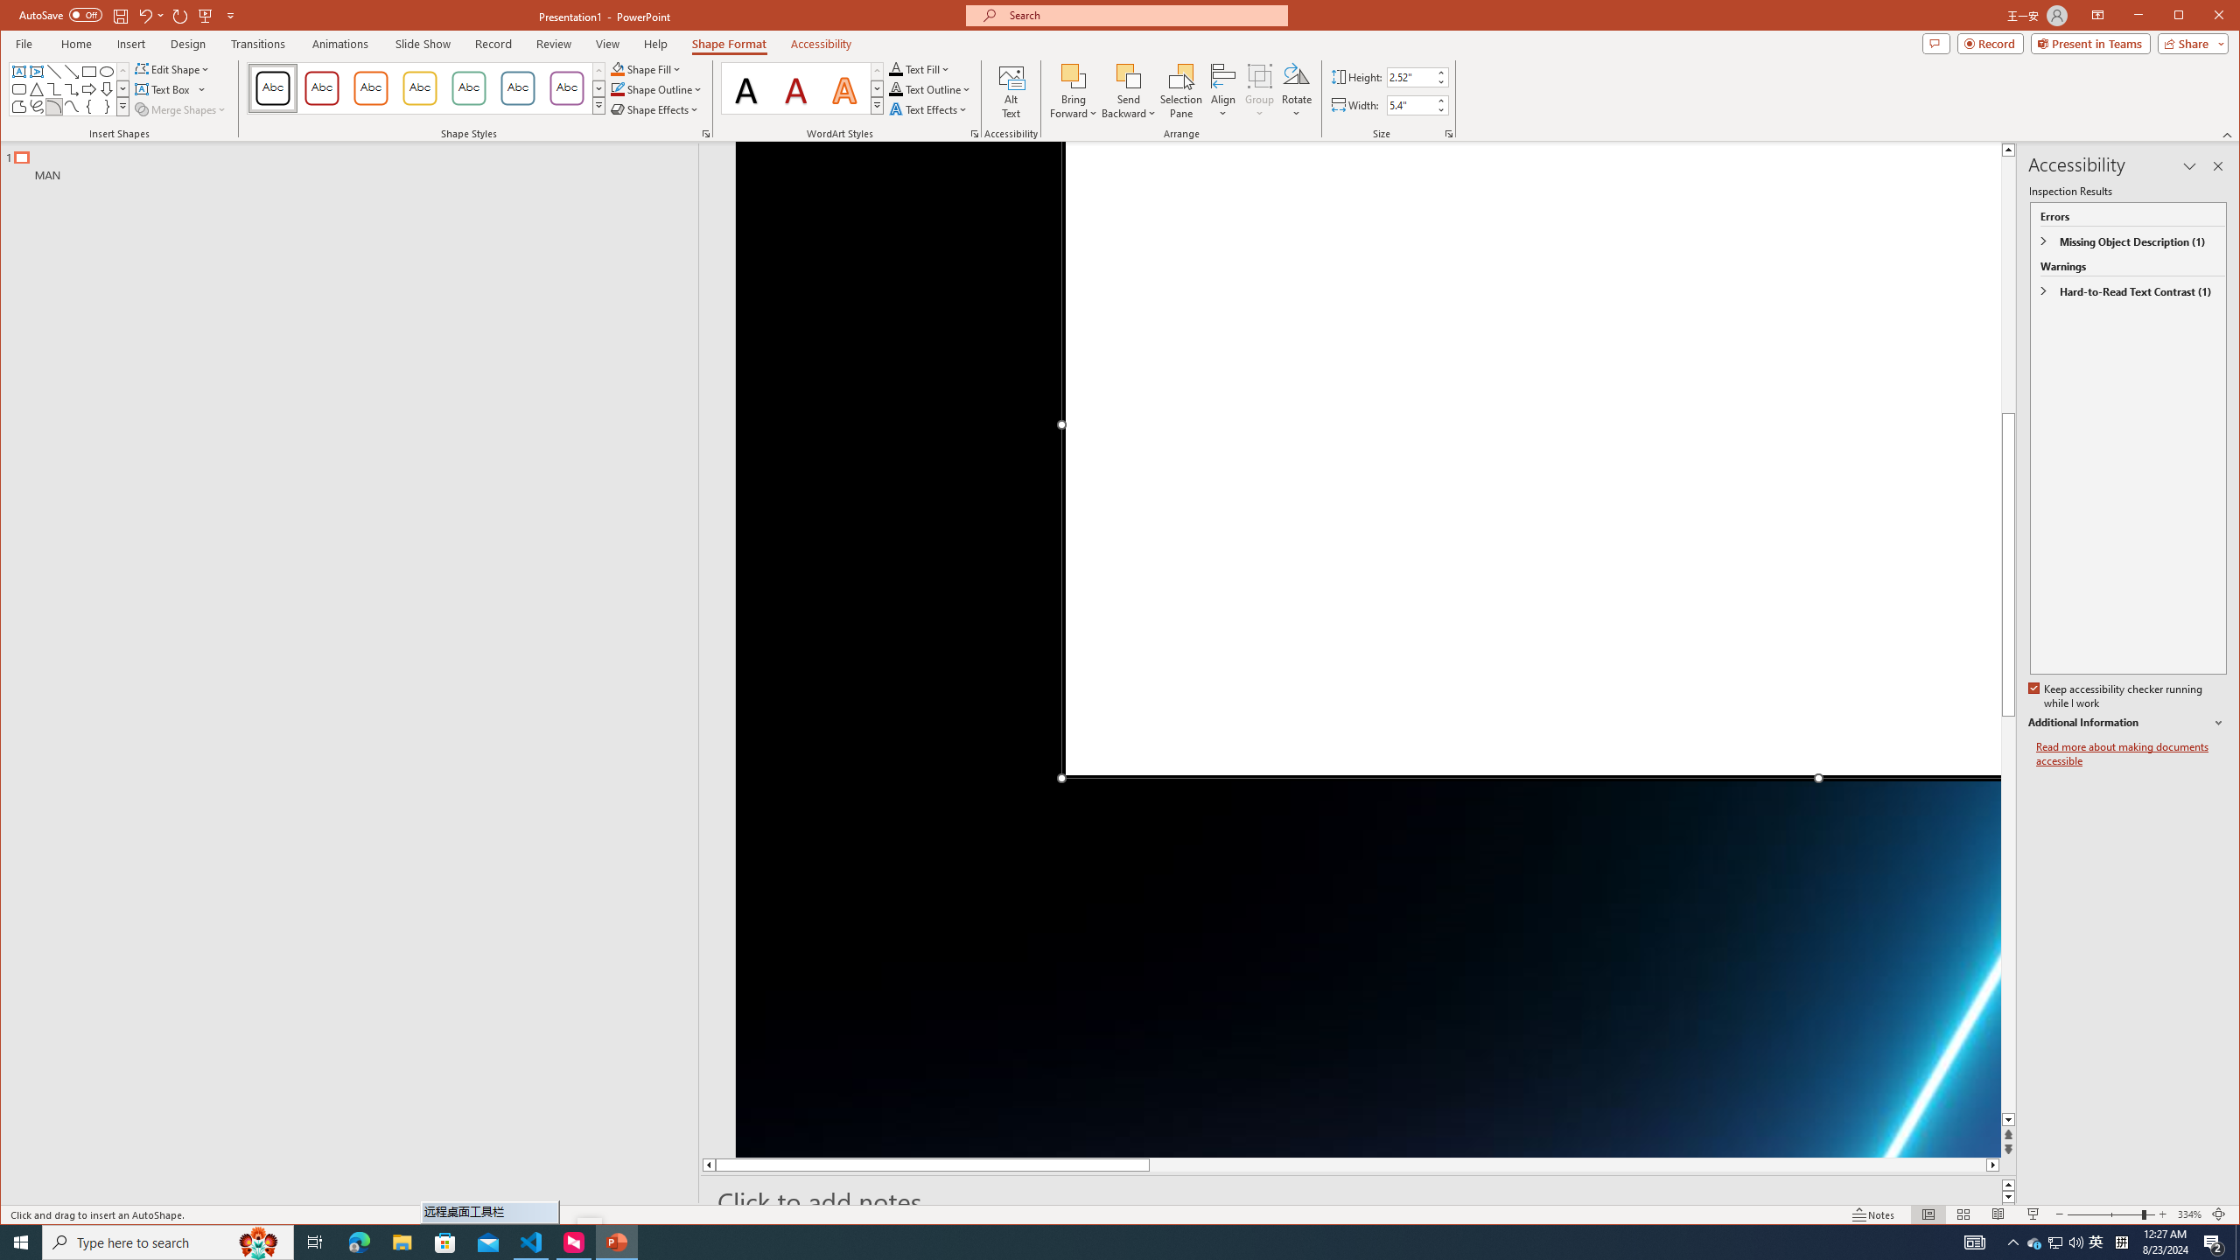  What do you see at coordinates (2130, 753) in the screenshot?
I see `'Read more about making documents accessible'` at bounding box center [2130, 753].